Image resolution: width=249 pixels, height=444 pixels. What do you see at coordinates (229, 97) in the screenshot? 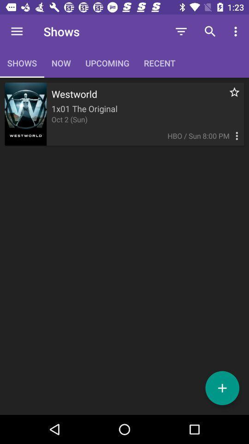
I see `item next to westworld item` at bounding box center [229, 97].